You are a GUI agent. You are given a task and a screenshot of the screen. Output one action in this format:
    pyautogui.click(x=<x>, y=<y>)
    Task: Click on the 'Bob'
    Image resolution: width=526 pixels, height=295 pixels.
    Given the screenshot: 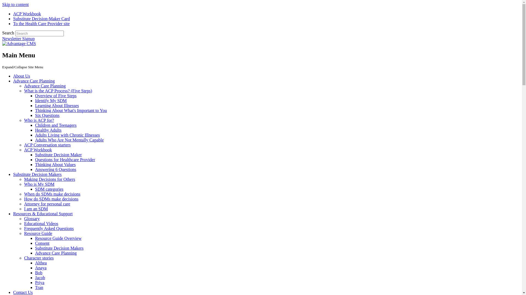 What is the action you would take?
    pyautogui.click(x=35, y=273)
    